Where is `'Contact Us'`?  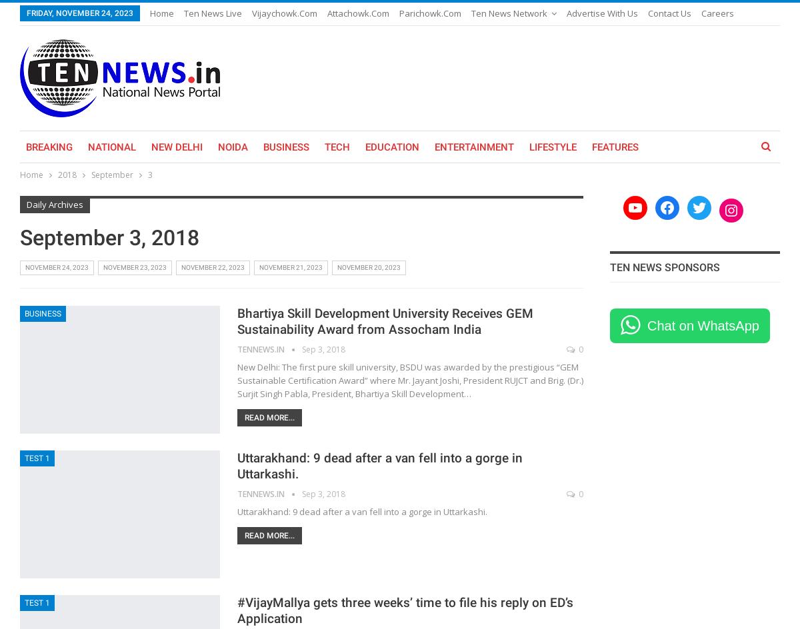 'Contact Us' is located at coordinates (648, 13).